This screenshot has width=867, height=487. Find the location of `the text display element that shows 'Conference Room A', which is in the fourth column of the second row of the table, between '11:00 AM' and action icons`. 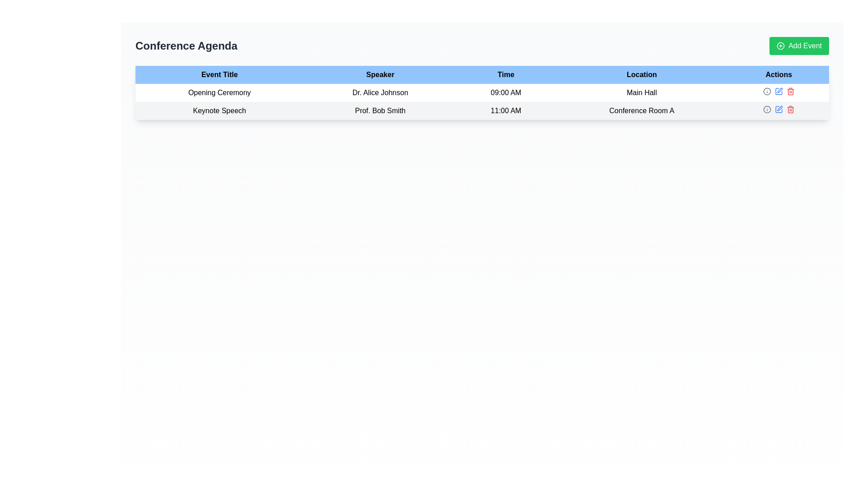

the text display element that shows 'Conference Room A', which is in the fourth column of the second row of the table, between '11:00 AM' and action icons is located at coordinates (641, 110).